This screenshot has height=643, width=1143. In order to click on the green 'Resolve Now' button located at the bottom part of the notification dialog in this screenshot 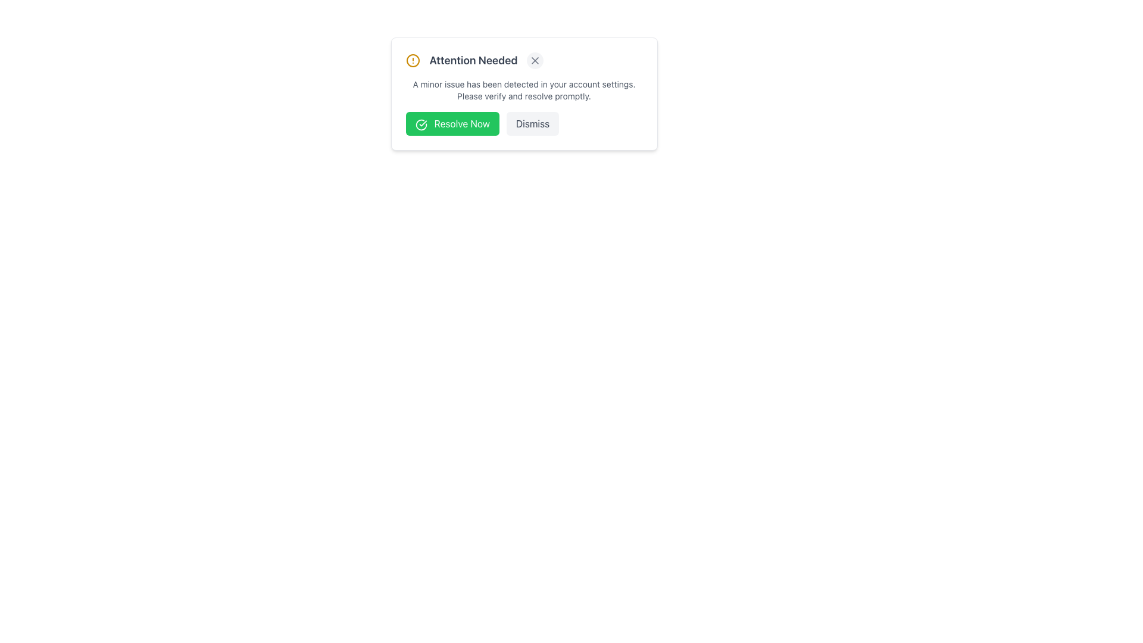, I will do `click(452, 124)`.